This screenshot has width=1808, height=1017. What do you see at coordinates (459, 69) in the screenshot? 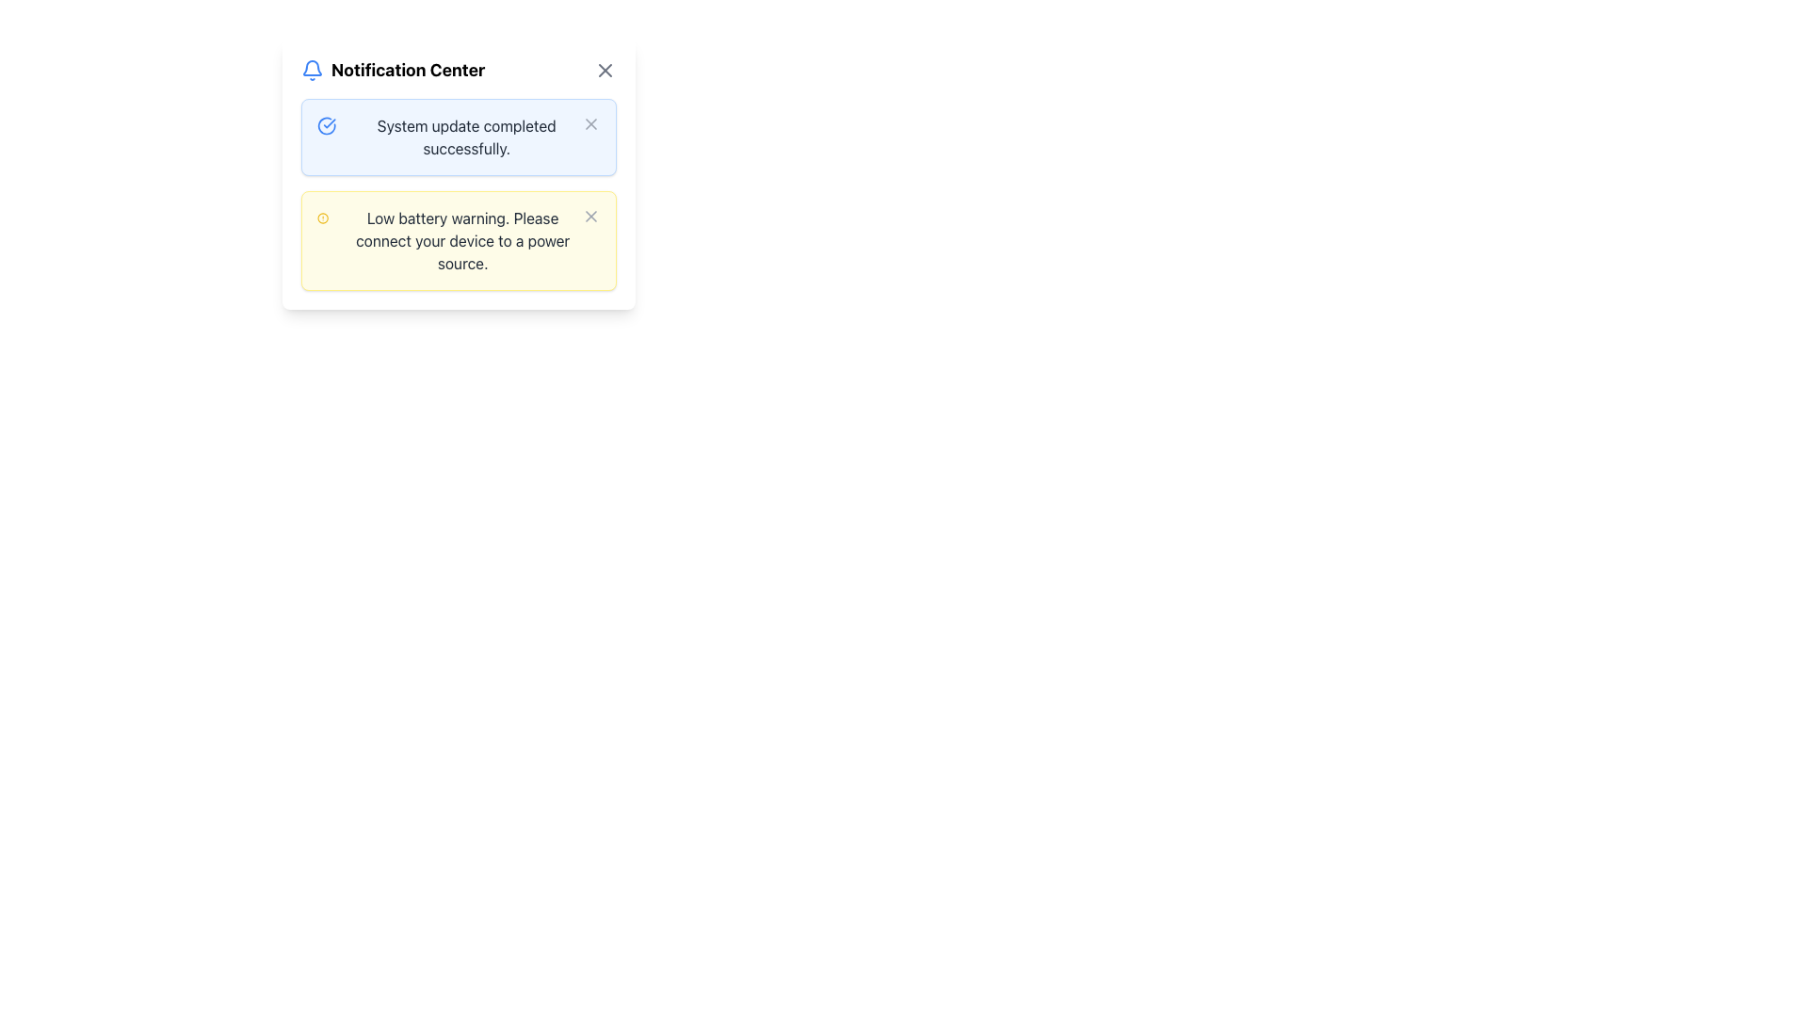
I see `the Header with Icon and Button of the notification panel to interact with its text or icon` at bounding box center [459, 69].